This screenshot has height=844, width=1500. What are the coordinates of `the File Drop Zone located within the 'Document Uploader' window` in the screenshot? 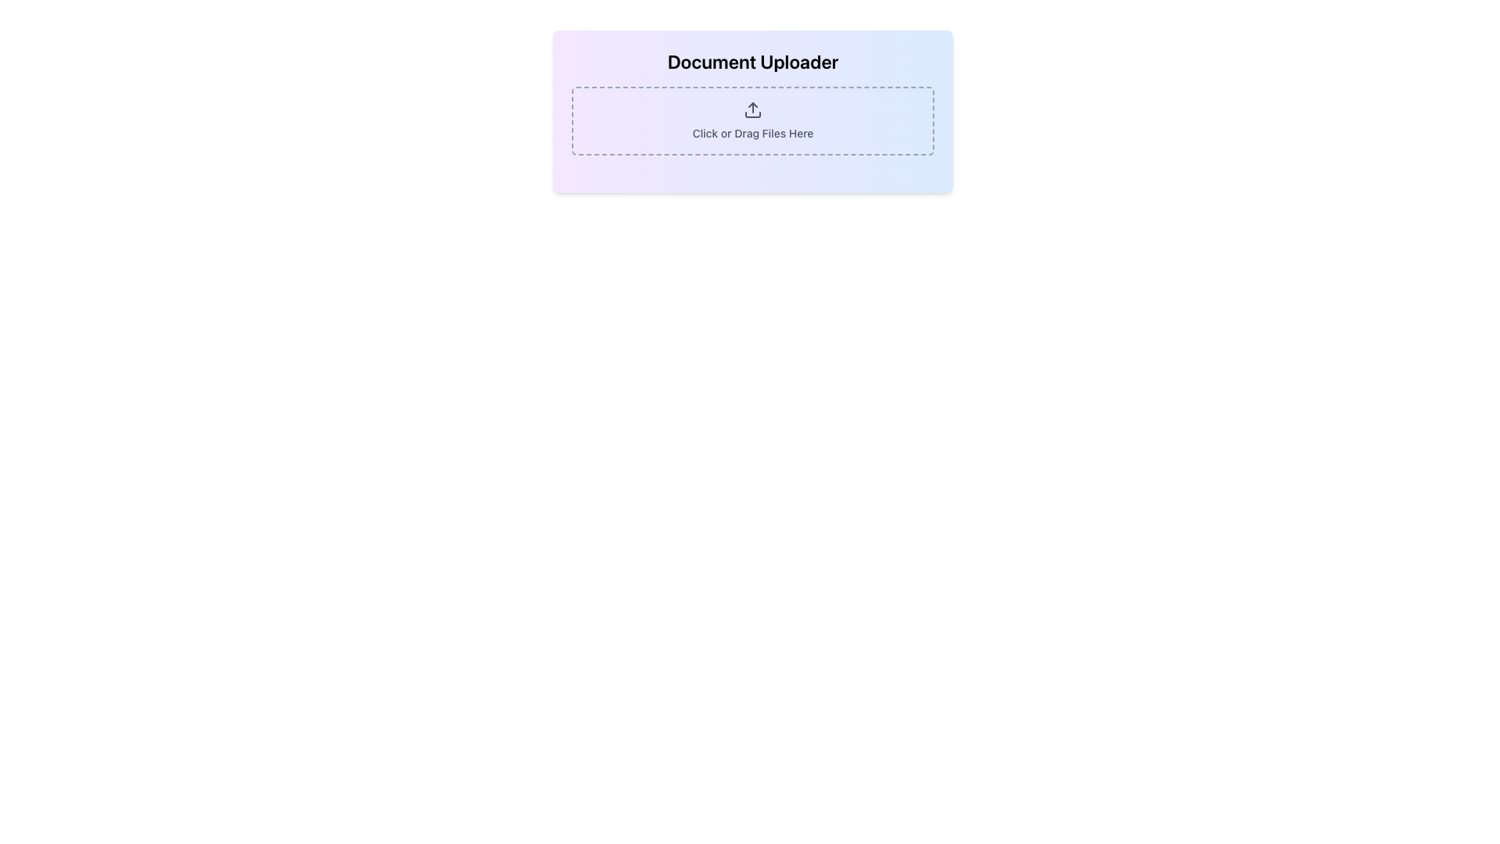 It's located at (753, 120).